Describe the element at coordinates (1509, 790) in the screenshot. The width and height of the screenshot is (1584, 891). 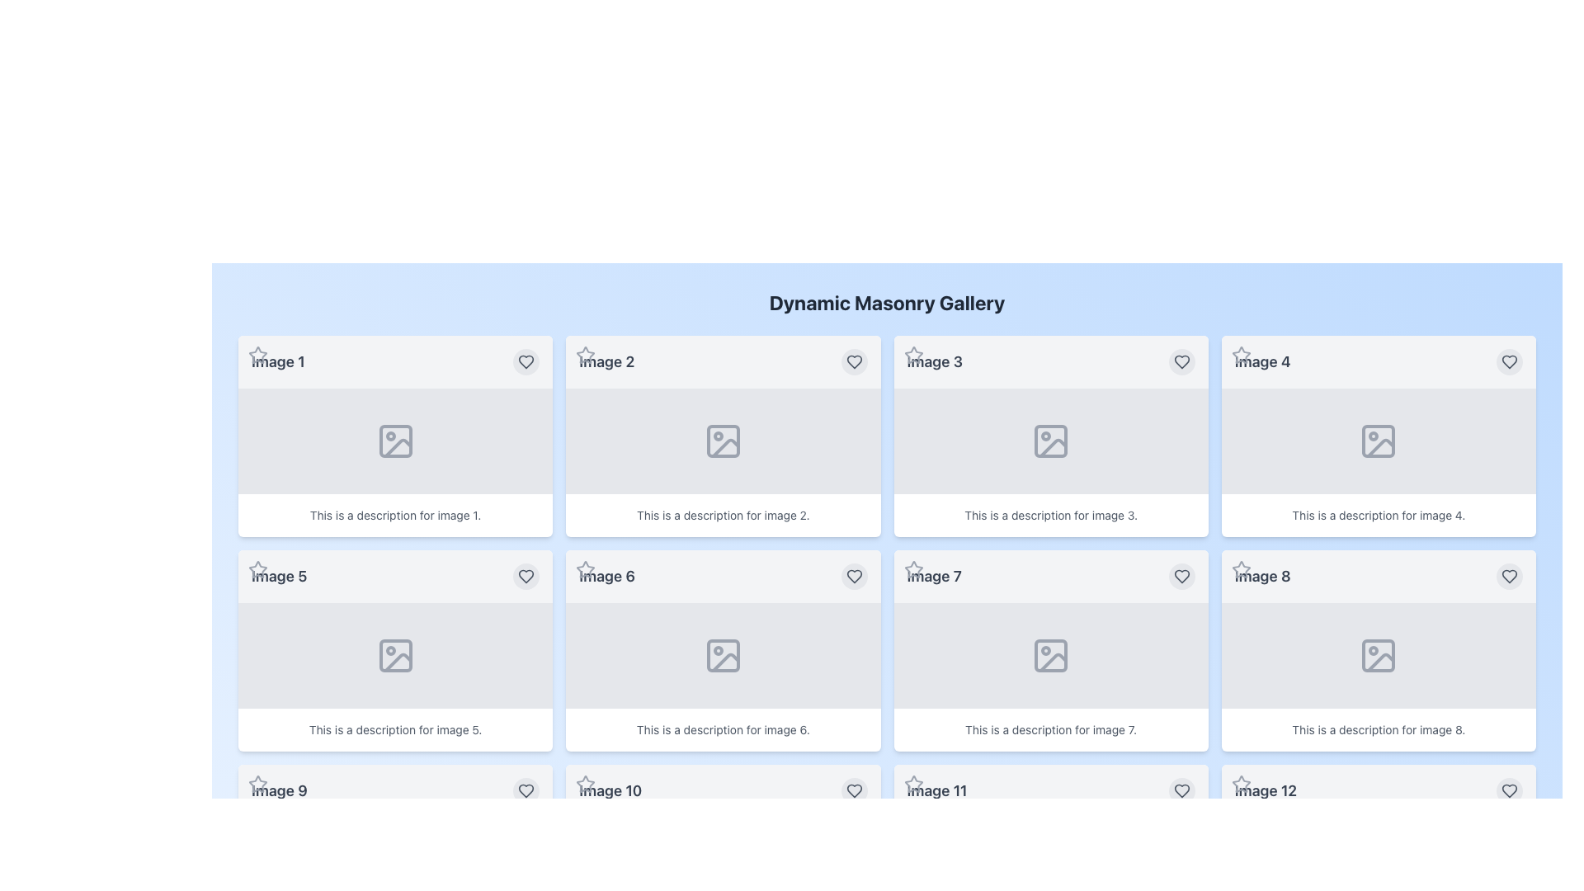
I see `the heart icon within the circular button located at the bottom-right corner of the 'Image 12' card` at that location.